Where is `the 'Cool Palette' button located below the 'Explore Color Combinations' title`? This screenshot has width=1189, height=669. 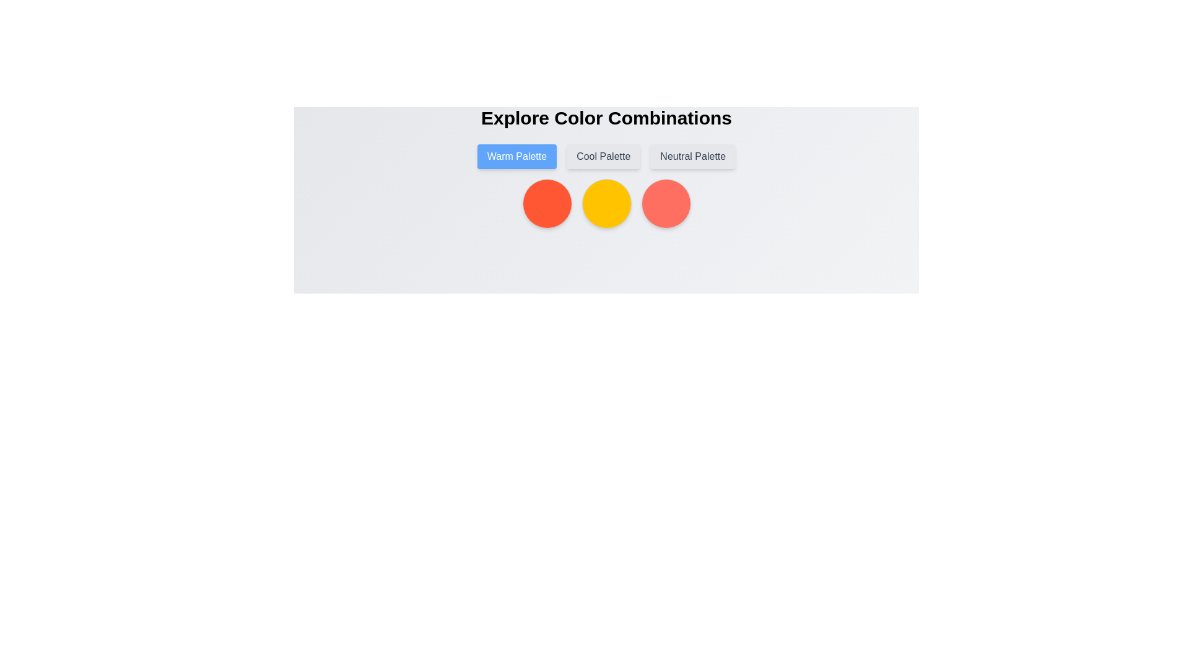
the 'Cool Palette' button located below the 'Explore Color Combinations' title is located at coordinates (606, 156).